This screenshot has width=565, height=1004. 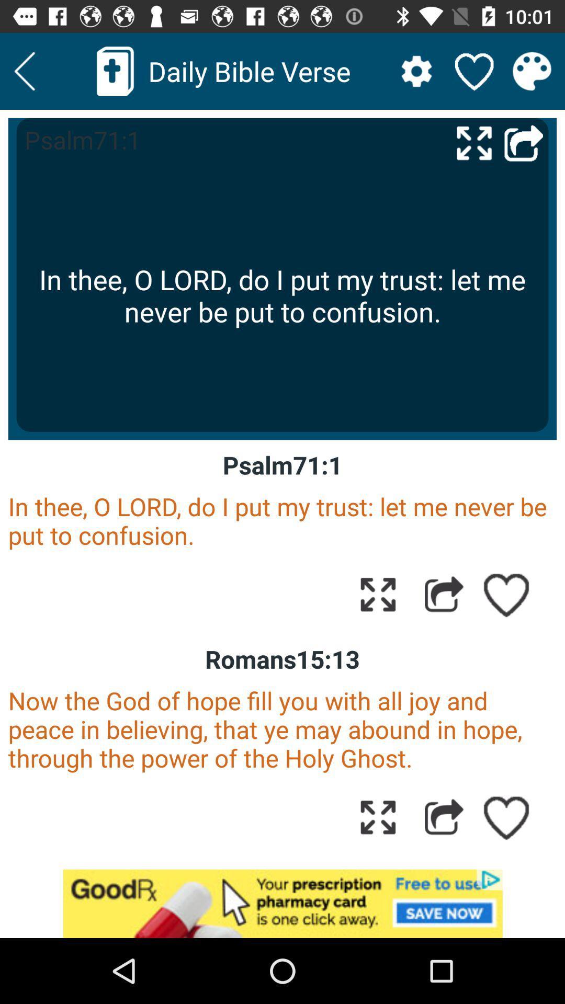 I want to click on go back, so click(x=524, y=142).